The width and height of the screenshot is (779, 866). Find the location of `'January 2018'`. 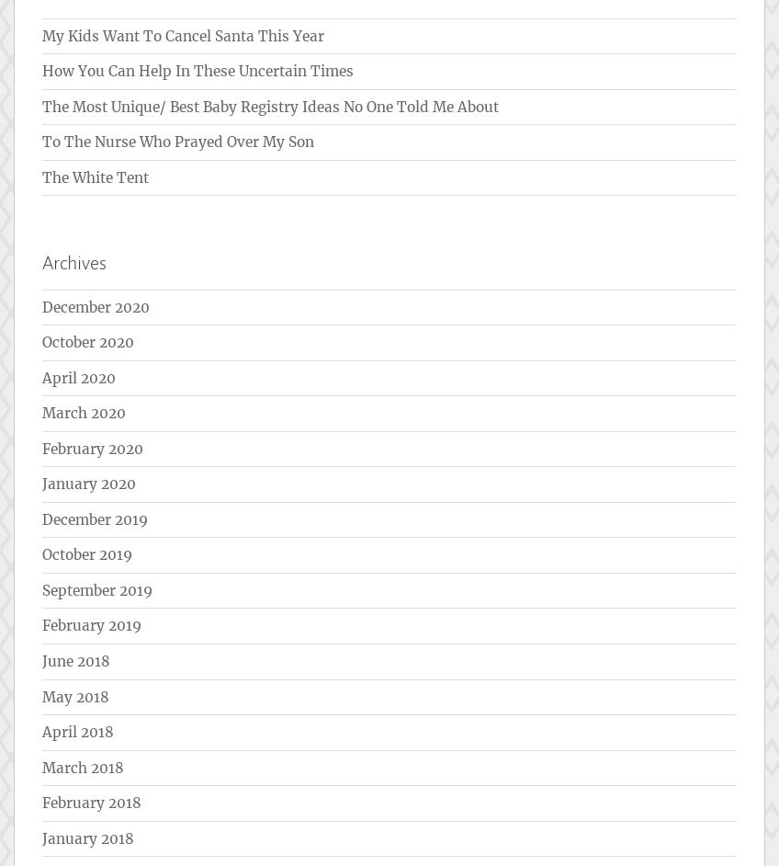

'January 2018' is located at coordinates (87, 837).